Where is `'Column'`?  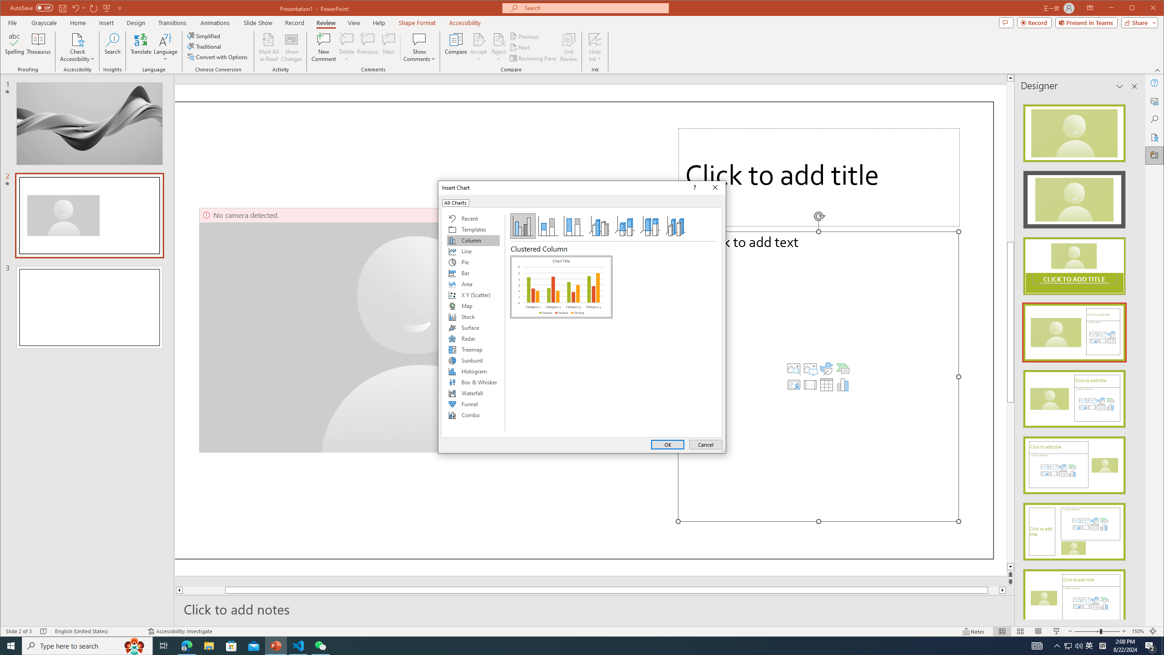 'Column' is located at coordinates (472, 240).